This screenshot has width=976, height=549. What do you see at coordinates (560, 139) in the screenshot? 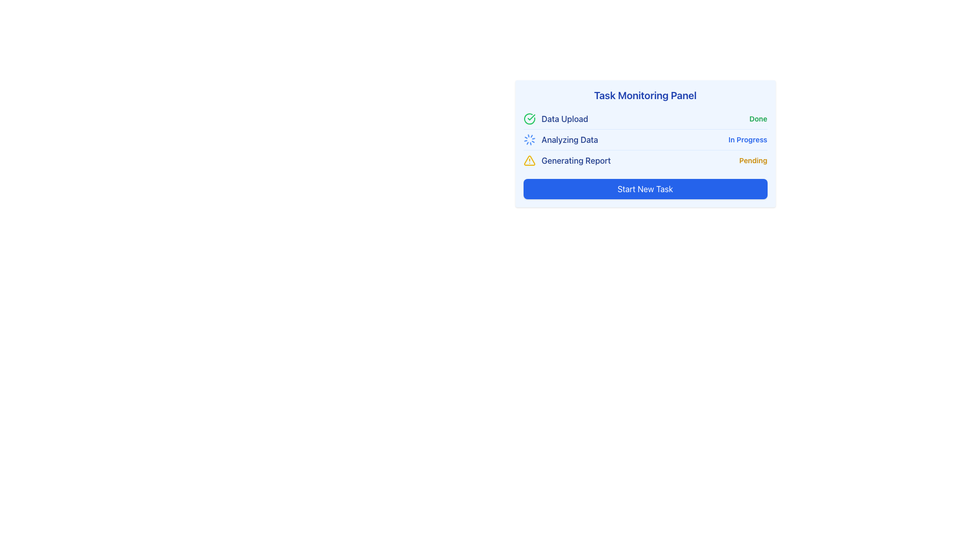
I see `the 'Analyzing Data' progress indicator label within the 'Task Monitoring Panel', which is the second item in the list of task progress indicators` at bounding box center [560, 139].